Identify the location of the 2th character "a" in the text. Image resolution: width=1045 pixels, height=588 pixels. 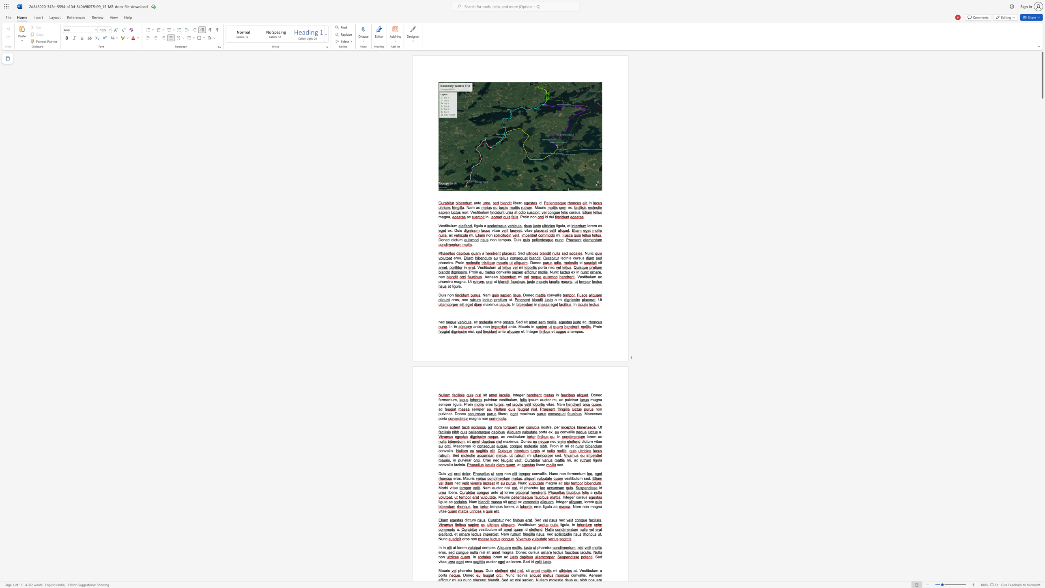
(493, 487).